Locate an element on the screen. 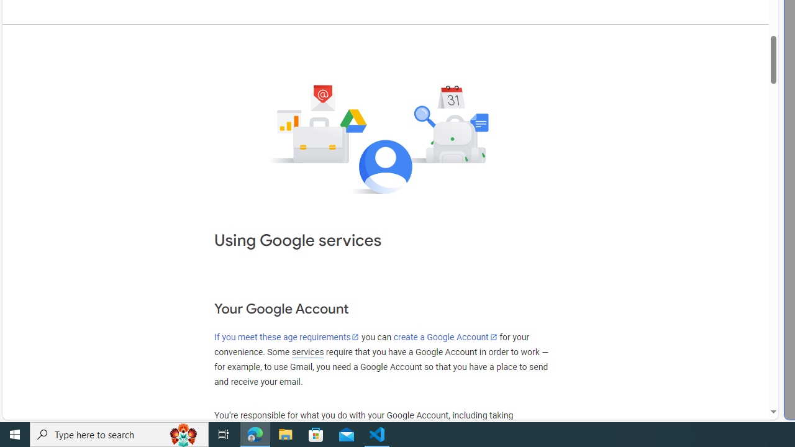 The image size is (795, 447). 'File Explorer' is located at coordinates (285, 433).